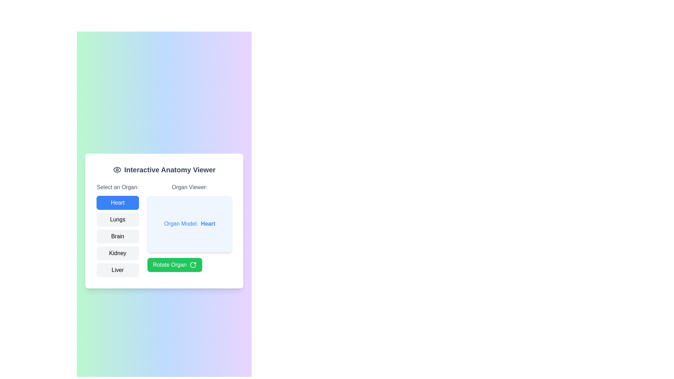  I want to click on the liver selection button, which is the fifth button in a vertical list below the Kidney button, to trigger hover effects, so click(118, 270).